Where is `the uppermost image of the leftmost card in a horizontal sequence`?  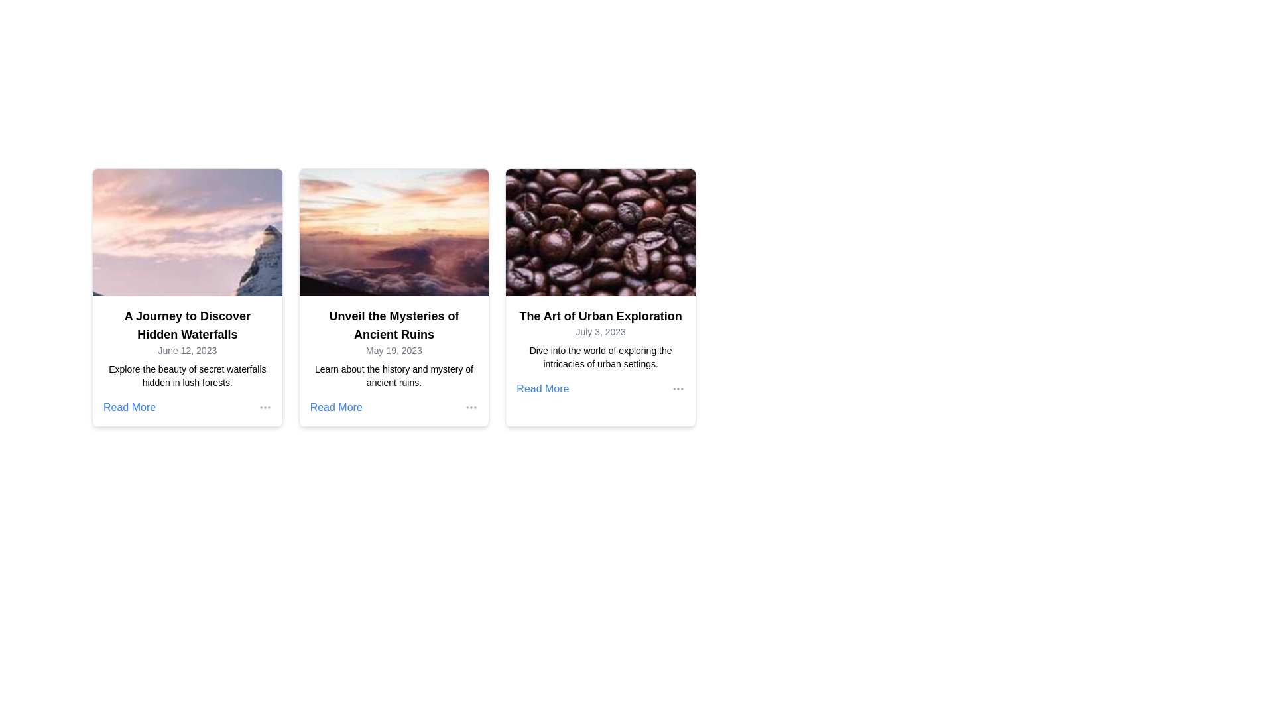 the uppermost image of the leftmost card in a horizontal sequence is located at coordinates (186, 232).